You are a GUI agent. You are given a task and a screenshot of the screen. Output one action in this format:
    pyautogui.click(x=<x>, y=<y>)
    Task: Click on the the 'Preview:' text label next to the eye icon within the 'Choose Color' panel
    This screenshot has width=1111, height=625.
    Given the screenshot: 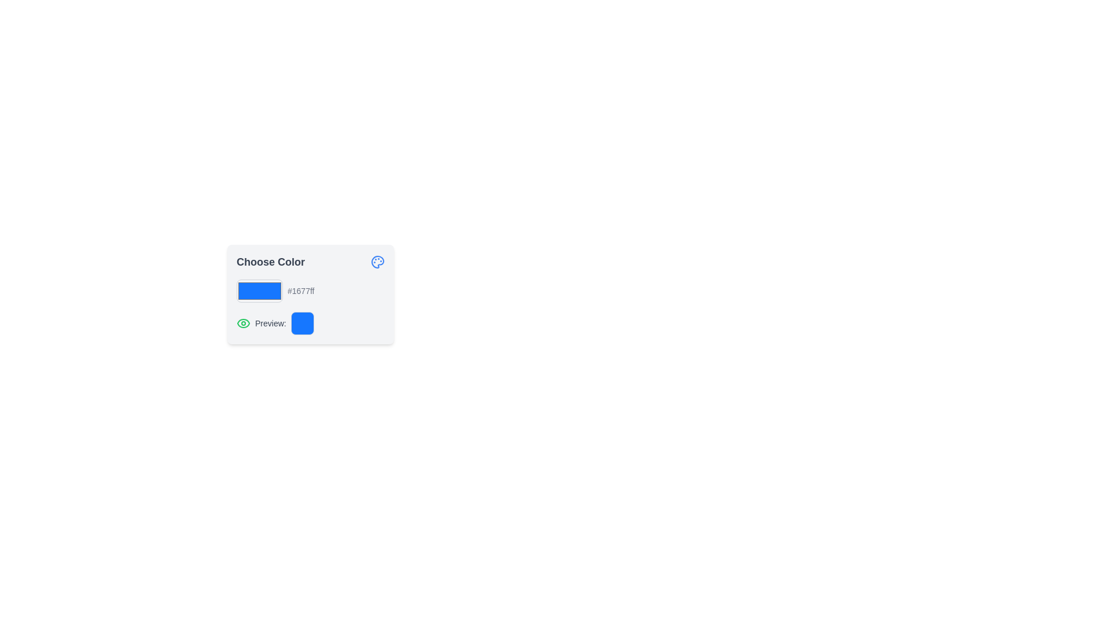 What is the action you would take?
    pyautogui.click(x=311, y=323)
    